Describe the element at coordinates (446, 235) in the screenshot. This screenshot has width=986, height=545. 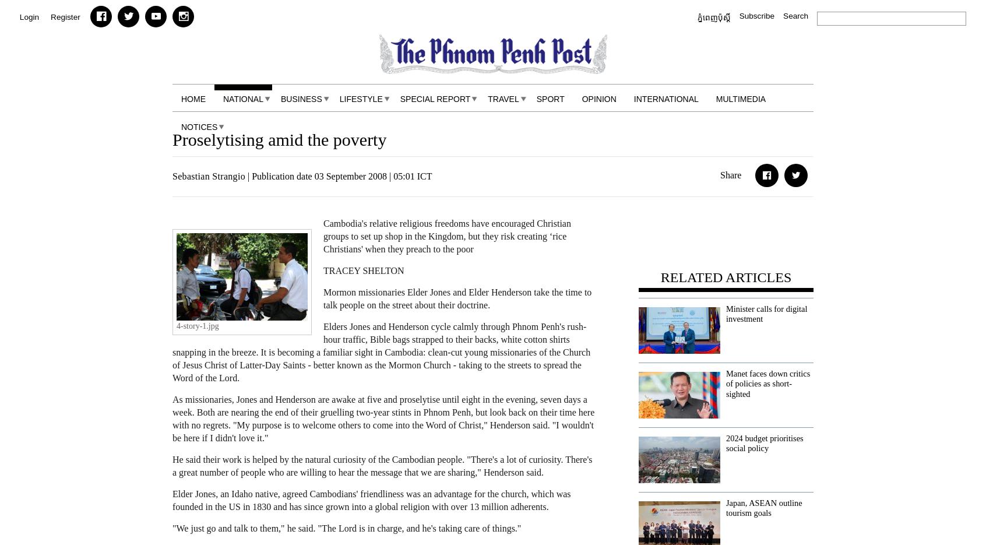
I see `'Cambodia's relative religious freedoms have encouraged Christian groups to set up shop in the Kingdom, but they risk creating ‘rice Christians' when they preach to the poor'` at that location.